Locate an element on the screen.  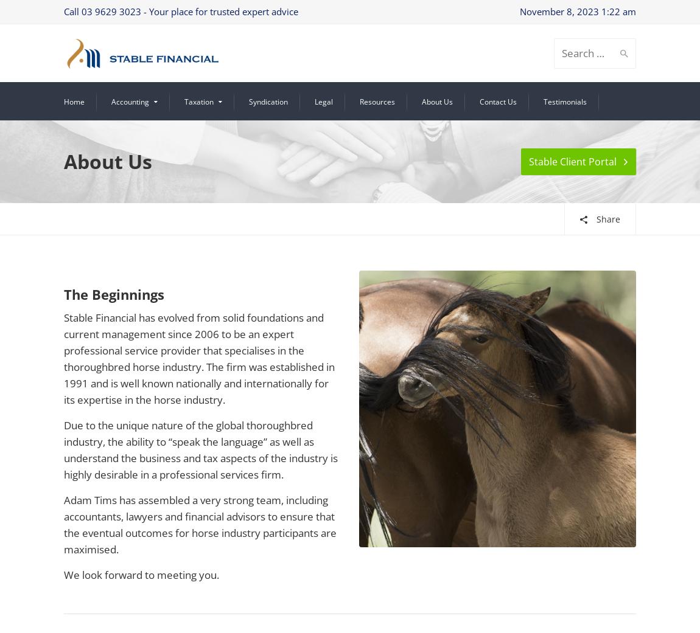
'November 8, 2023 1:22 am' is located at coordinates (578, 11).